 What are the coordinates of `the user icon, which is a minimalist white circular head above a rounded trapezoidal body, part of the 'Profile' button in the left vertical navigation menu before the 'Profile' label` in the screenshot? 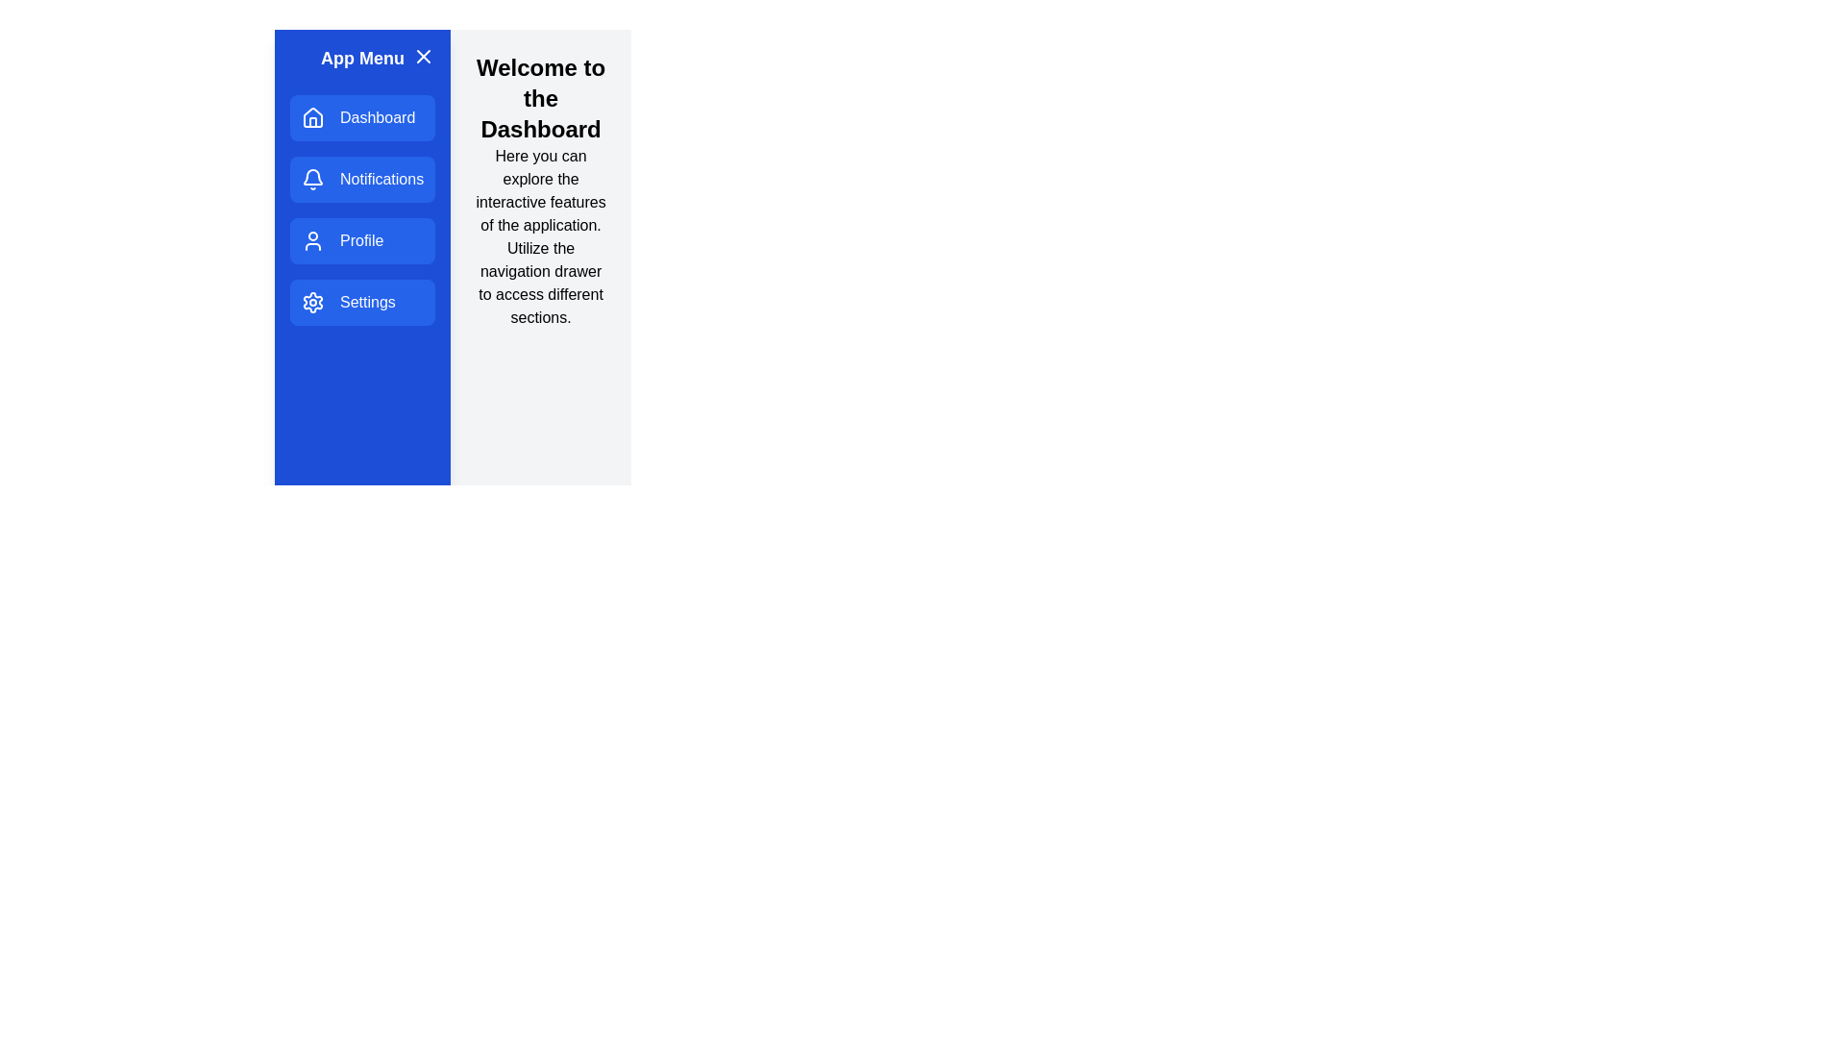 It's located at (313, 239).